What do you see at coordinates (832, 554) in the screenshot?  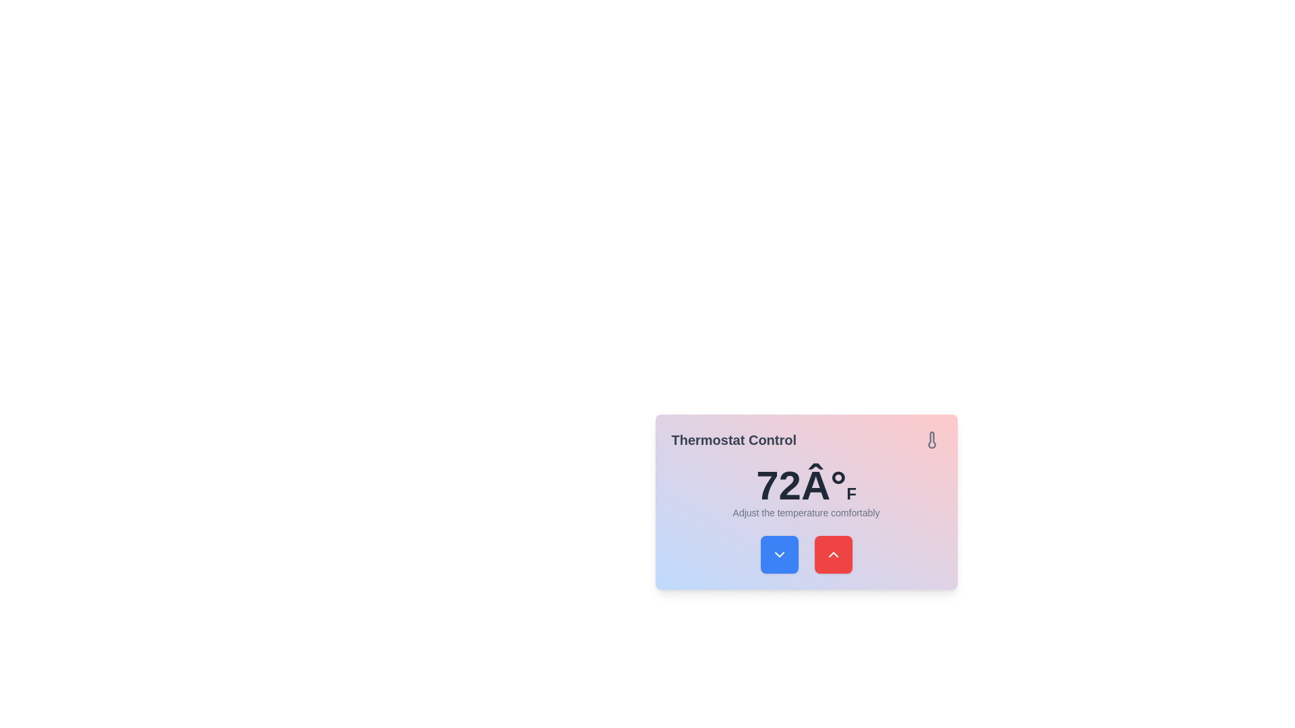 I see `the upward adjustment button for the thermostat located to the right of the blue downward chevron button in the 'Thermostat Control' component to change its color` at bounding box center [832, 554].